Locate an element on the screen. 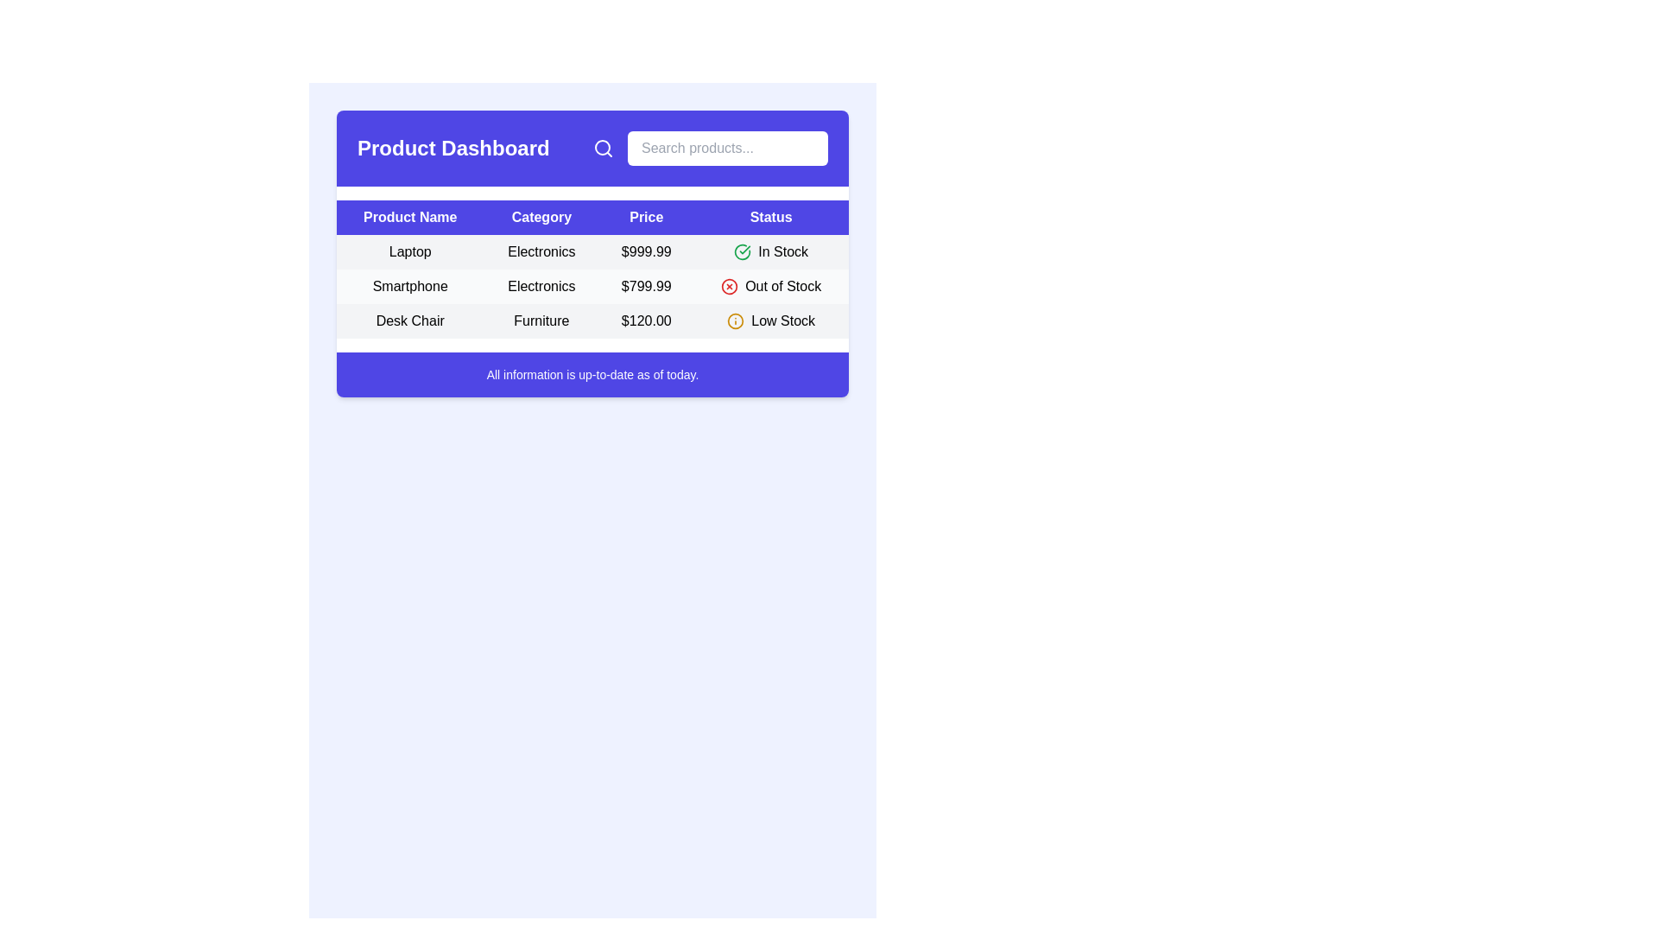 Image resolution: width=1658 pixels, height=933 pixels. the 'Product Name' text label, which has a blue background and white text, located in the upper left corner of the table header row is located at coordinates (409, 216).